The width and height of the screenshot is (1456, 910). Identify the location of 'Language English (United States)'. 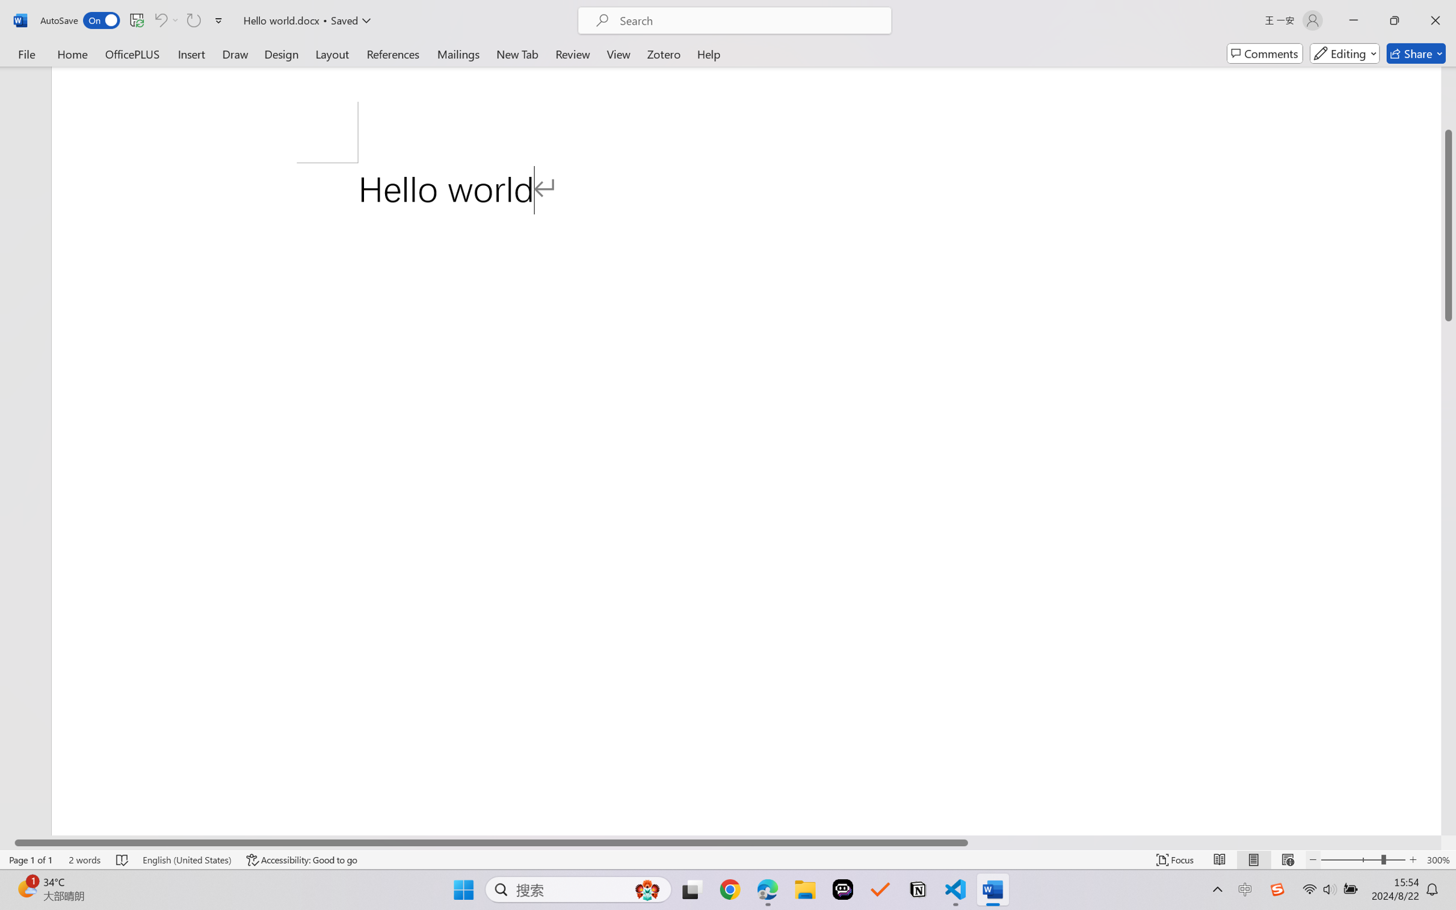
(187, 859).